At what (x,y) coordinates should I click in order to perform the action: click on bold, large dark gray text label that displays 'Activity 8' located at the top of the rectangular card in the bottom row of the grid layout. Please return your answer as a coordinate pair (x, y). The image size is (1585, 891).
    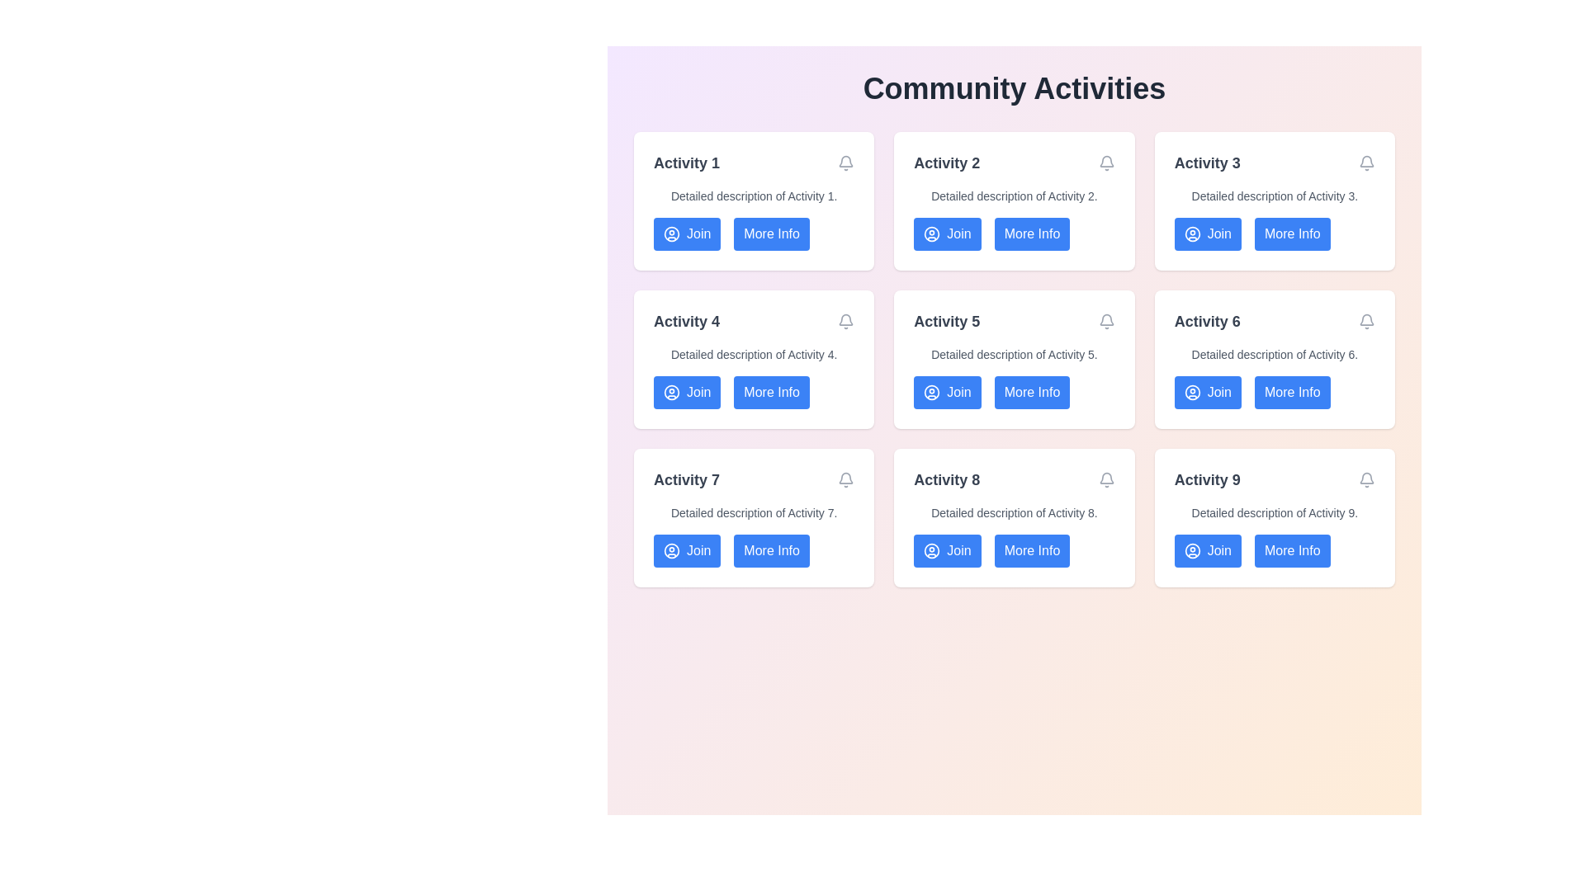
    Looking at the image, I should click on (947, 480).